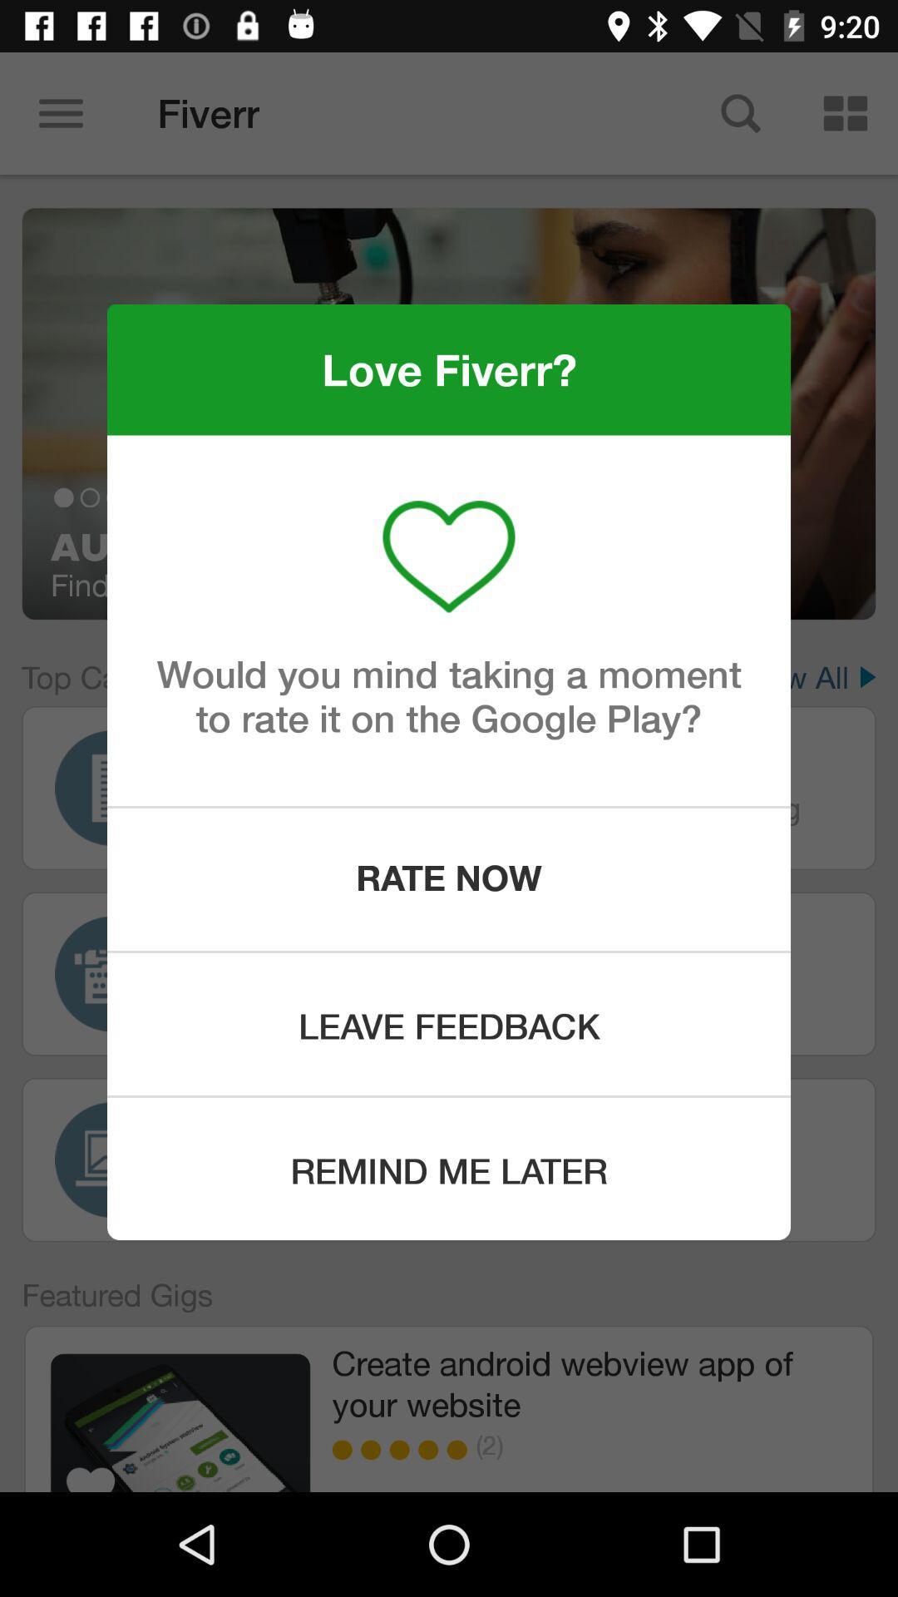 The image size is (898, 1597). I want to click on the leave feedback icon, so click(449, 1023).